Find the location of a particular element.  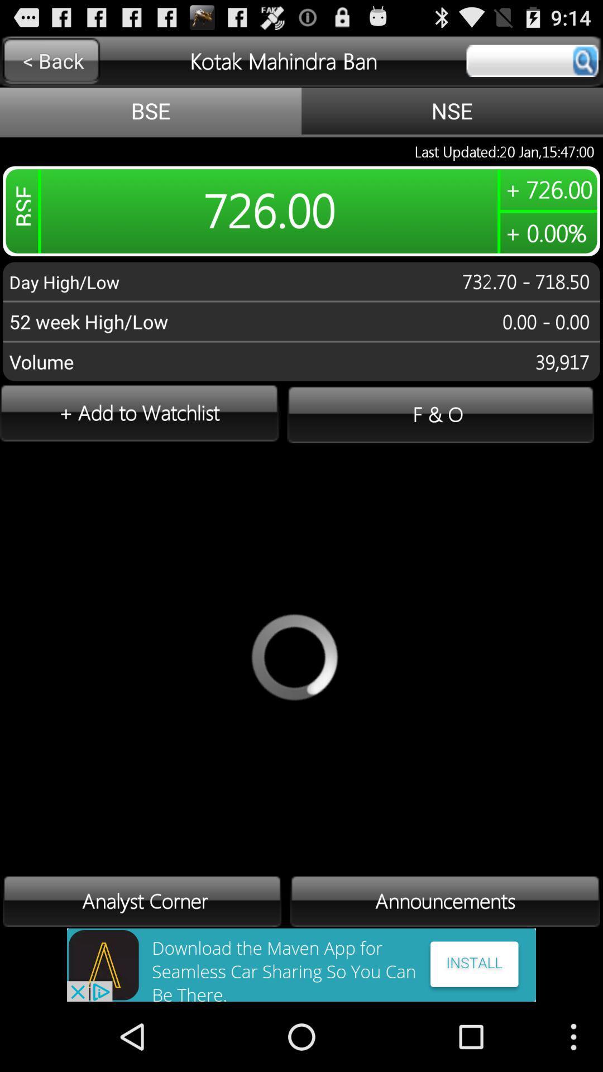

display stock price is located at coordinates (532, 60).